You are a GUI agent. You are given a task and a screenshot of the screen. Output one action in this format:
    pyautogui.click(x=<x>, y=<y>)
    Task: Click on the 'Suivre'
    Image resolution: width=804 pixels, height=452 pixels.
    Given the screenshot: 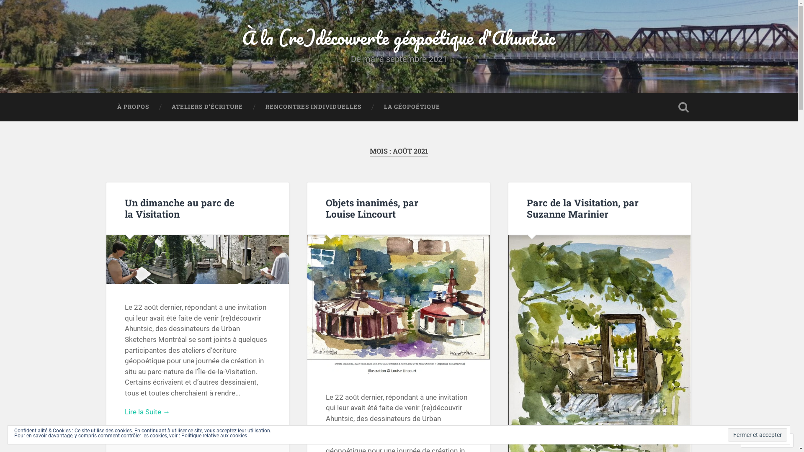 What is the action you would take?
    pyautogui.click(x=759, y=440)
    